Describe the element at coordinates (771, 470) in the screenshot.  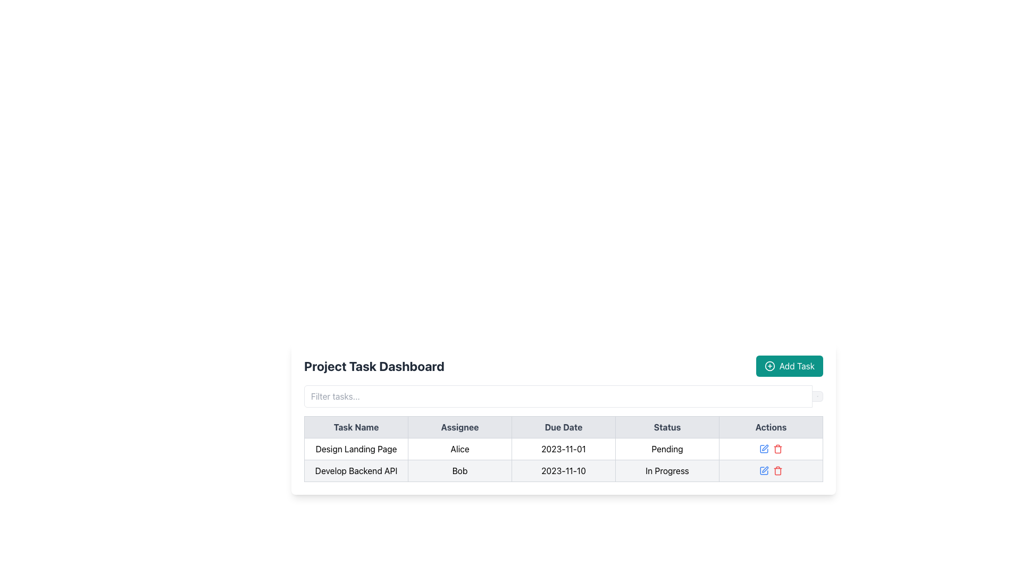
I see `the red trash bin icon in the Actions column of the second row of the table` at that location.